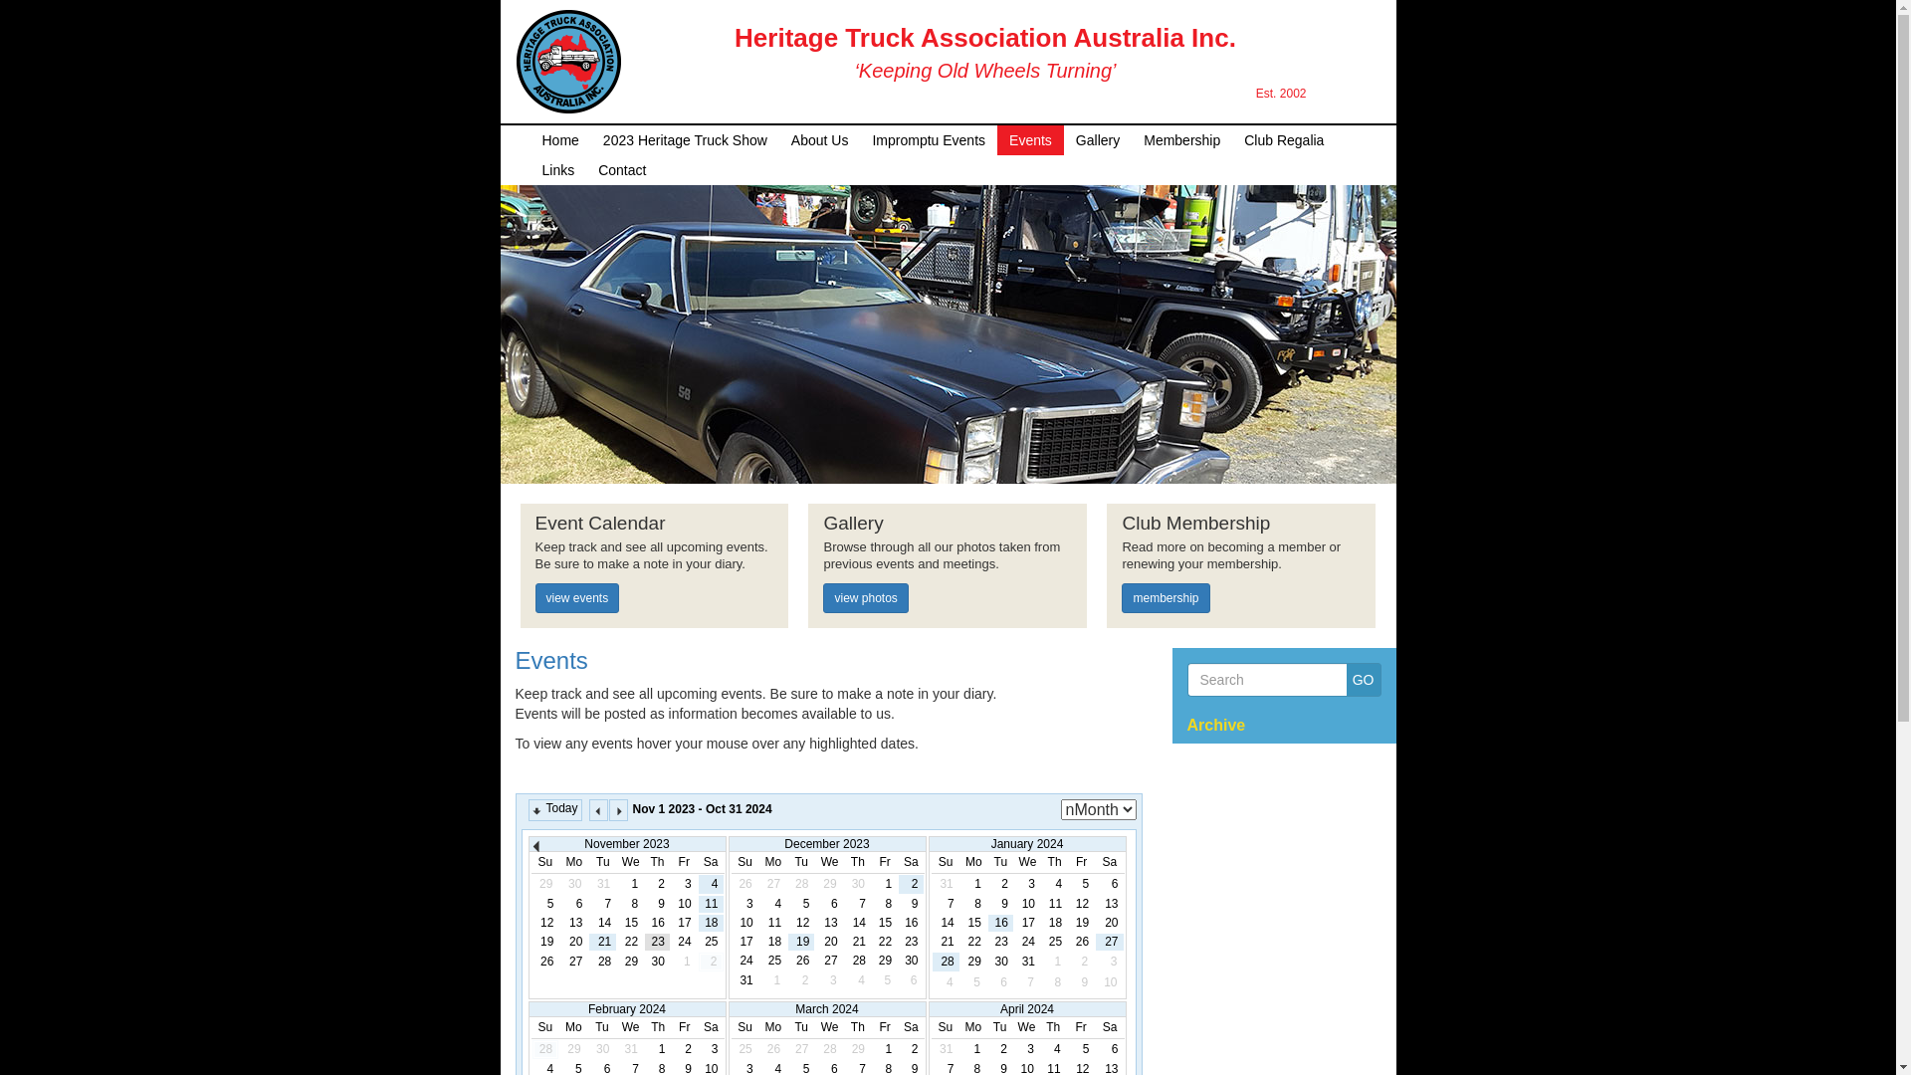  Describe the element at coordinates (620, 168) in the screenshot. I see `'Contact'` at that location.